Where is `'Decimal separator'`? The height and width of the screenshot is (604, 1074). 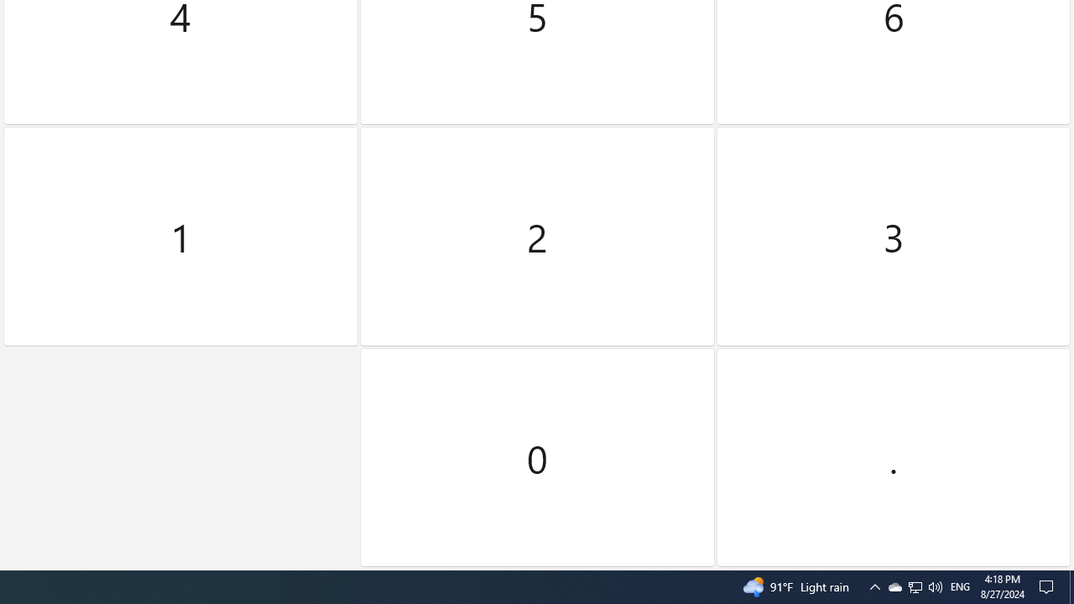
'Decimal separator' is located at coordinates (892, 457).